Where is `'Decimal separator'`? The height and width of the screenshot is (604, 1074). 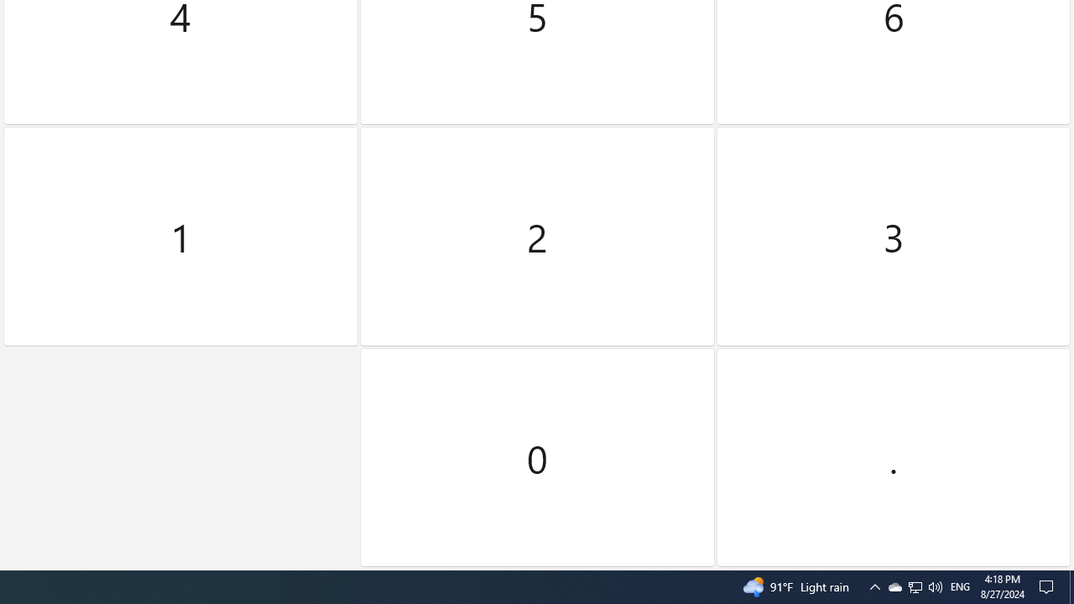
'Decimal separator' is located at coordinates (892, 457).